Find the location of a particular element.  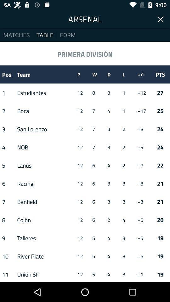

icon to the left of form icon is located at coordinates (44, 35).